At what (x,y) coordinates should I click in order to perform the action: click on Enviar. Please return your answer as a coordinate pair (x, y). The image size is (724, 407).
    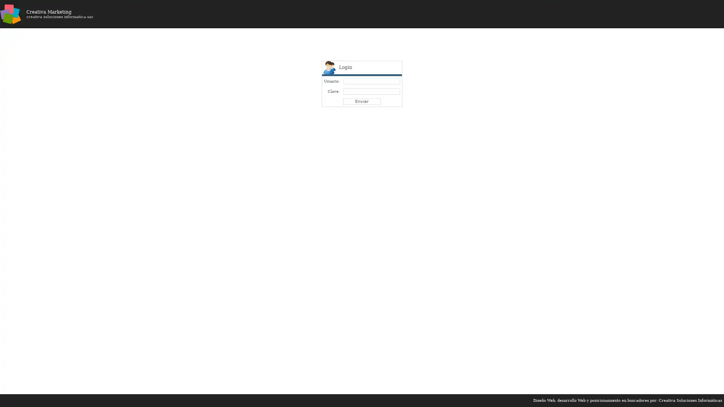
    Looking at the image, I should click on (362, 101).